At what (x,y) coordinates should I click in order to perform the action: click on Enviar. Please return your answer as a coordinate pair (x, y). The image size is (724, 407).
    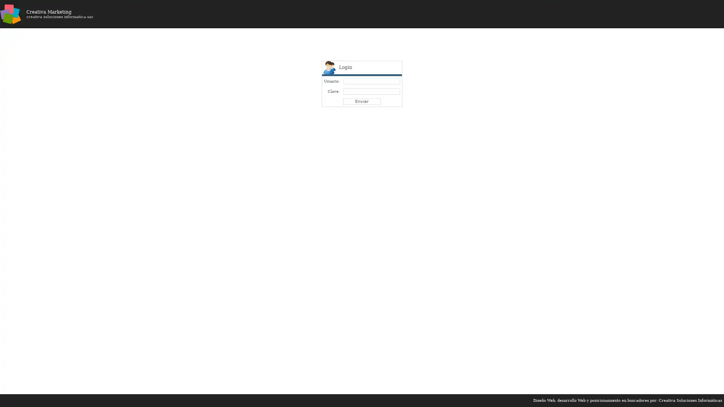
    Looking at the image, I should click on (362, 101).